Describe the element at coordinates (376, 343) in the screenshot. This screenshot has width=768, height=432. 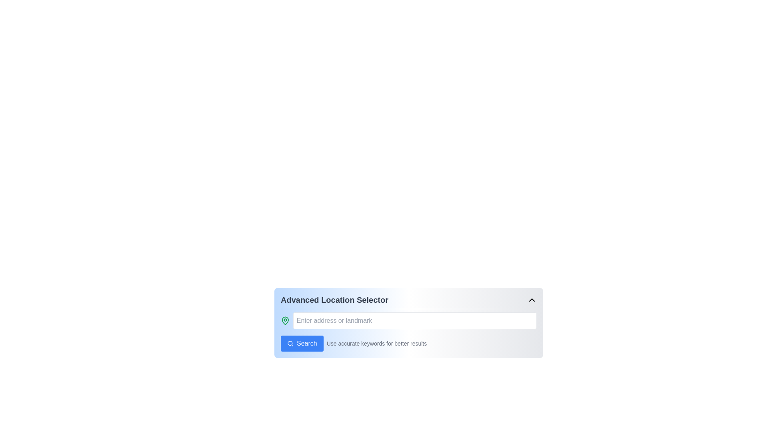
I see `the Text Label that provides hints for optimizing search keywords, located immediately to the right of the blue Search button` at that location.